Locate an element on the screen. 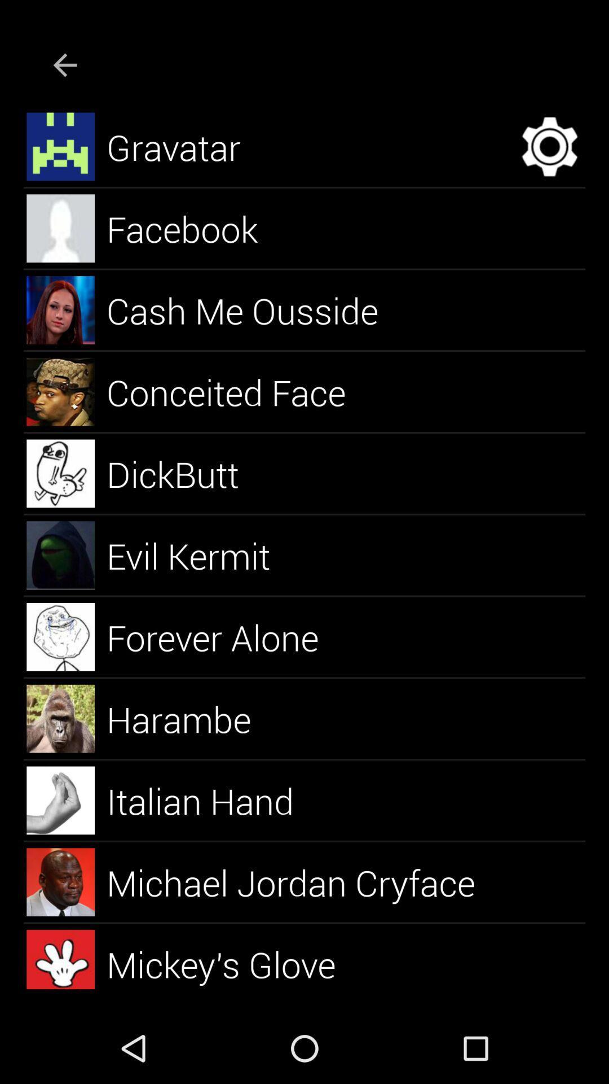  the michael jordan cryface item is located at coordinates (303, 881).